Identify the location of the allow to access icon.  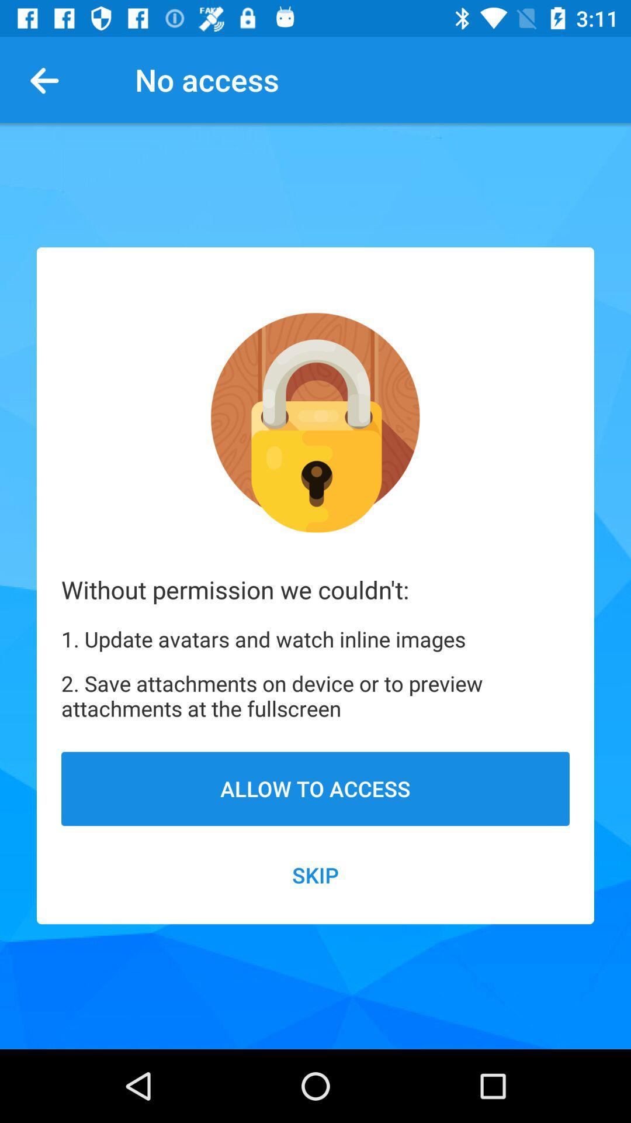
(315, 788).